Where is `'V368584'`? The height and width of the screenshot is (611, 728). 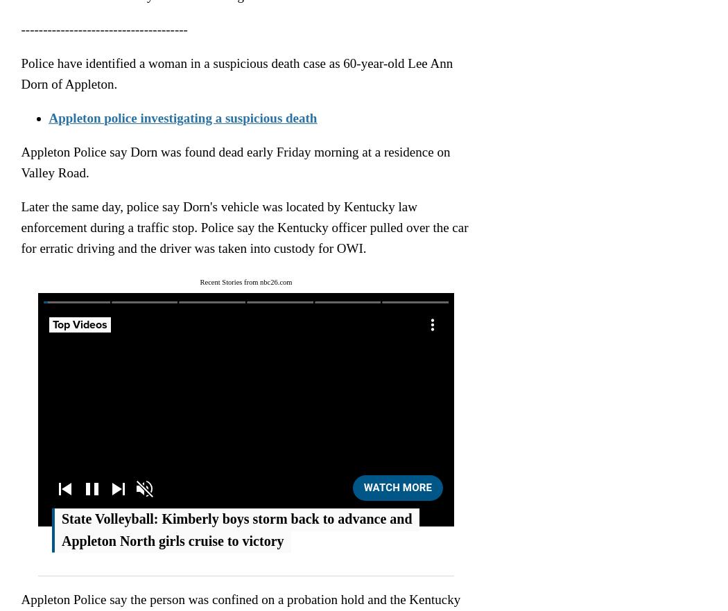
'V368584' is located at coordinates (236, 334).